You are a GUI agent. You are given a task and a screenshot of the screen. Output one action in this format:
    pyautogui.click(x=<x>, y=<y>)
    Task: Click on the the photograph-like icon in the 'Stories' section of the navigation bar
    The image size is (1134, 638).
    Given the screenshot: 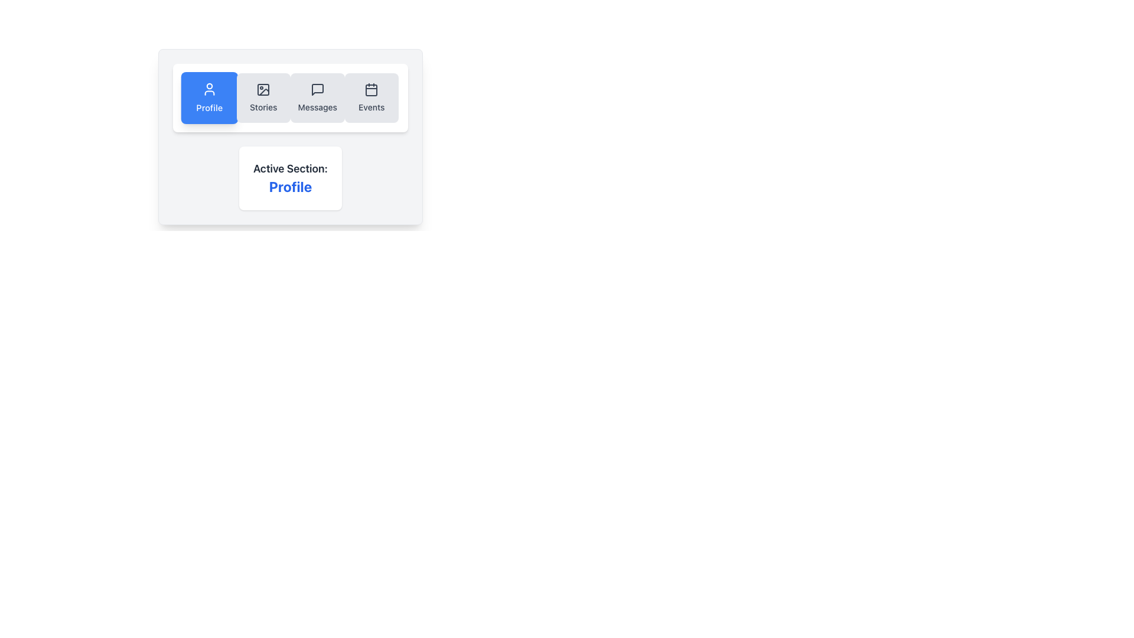 What is the action you would take?
    pyautogui.click(x=263, y=89)
    